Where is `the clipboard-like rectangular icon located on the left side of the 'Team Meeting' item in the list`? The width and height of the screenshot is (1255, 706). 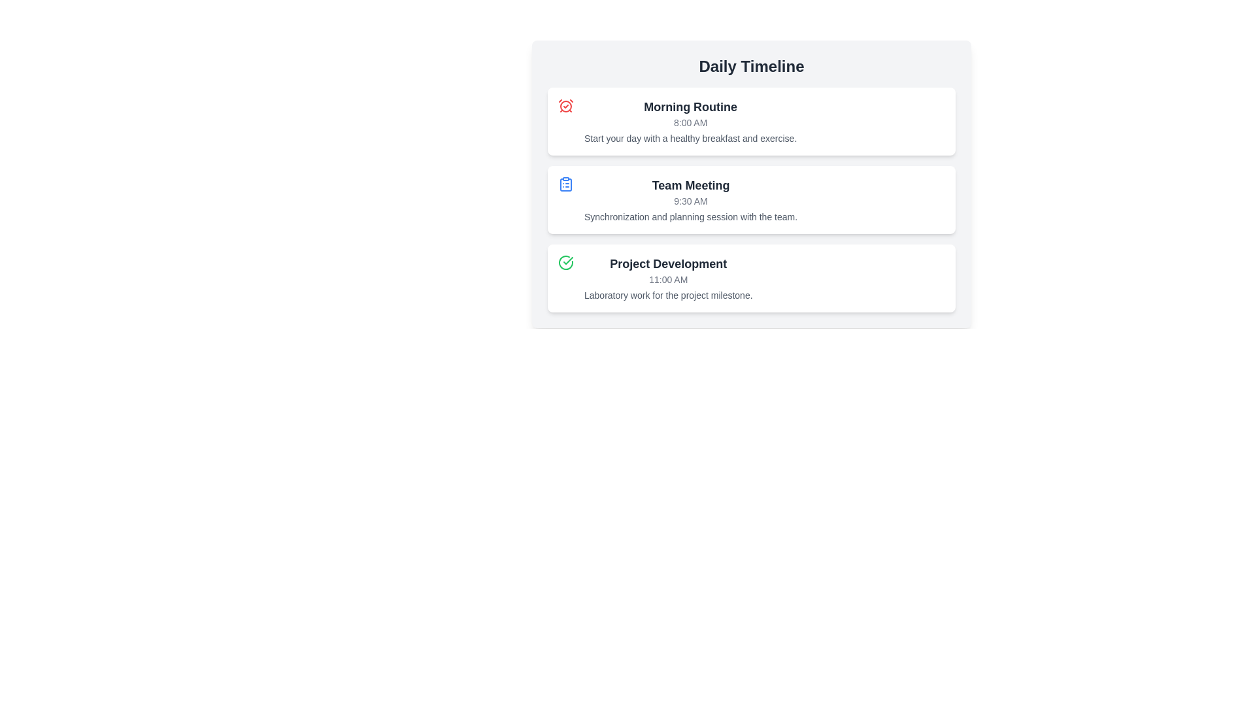 the clipboard-like rectangular icon located on the left side of the 'Team Meeting' item in the list is located at coordinates (565, 184).